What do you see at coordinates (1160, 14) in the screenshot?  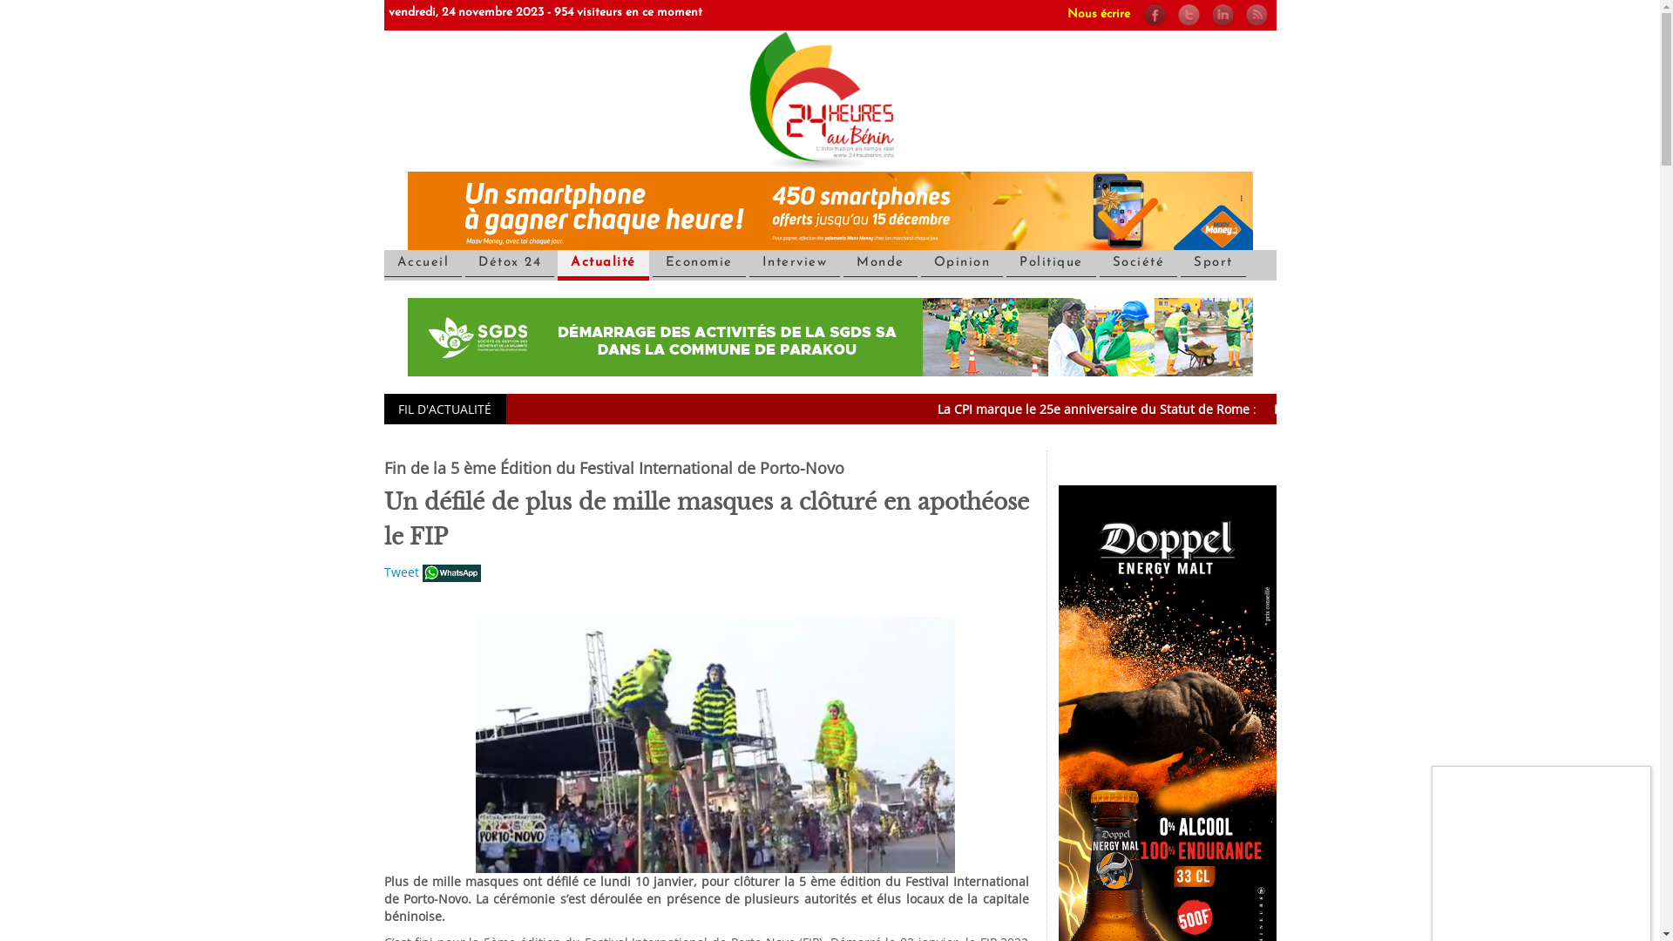 I see `'Notre page facebook'` at bounding box center [1160, 14].